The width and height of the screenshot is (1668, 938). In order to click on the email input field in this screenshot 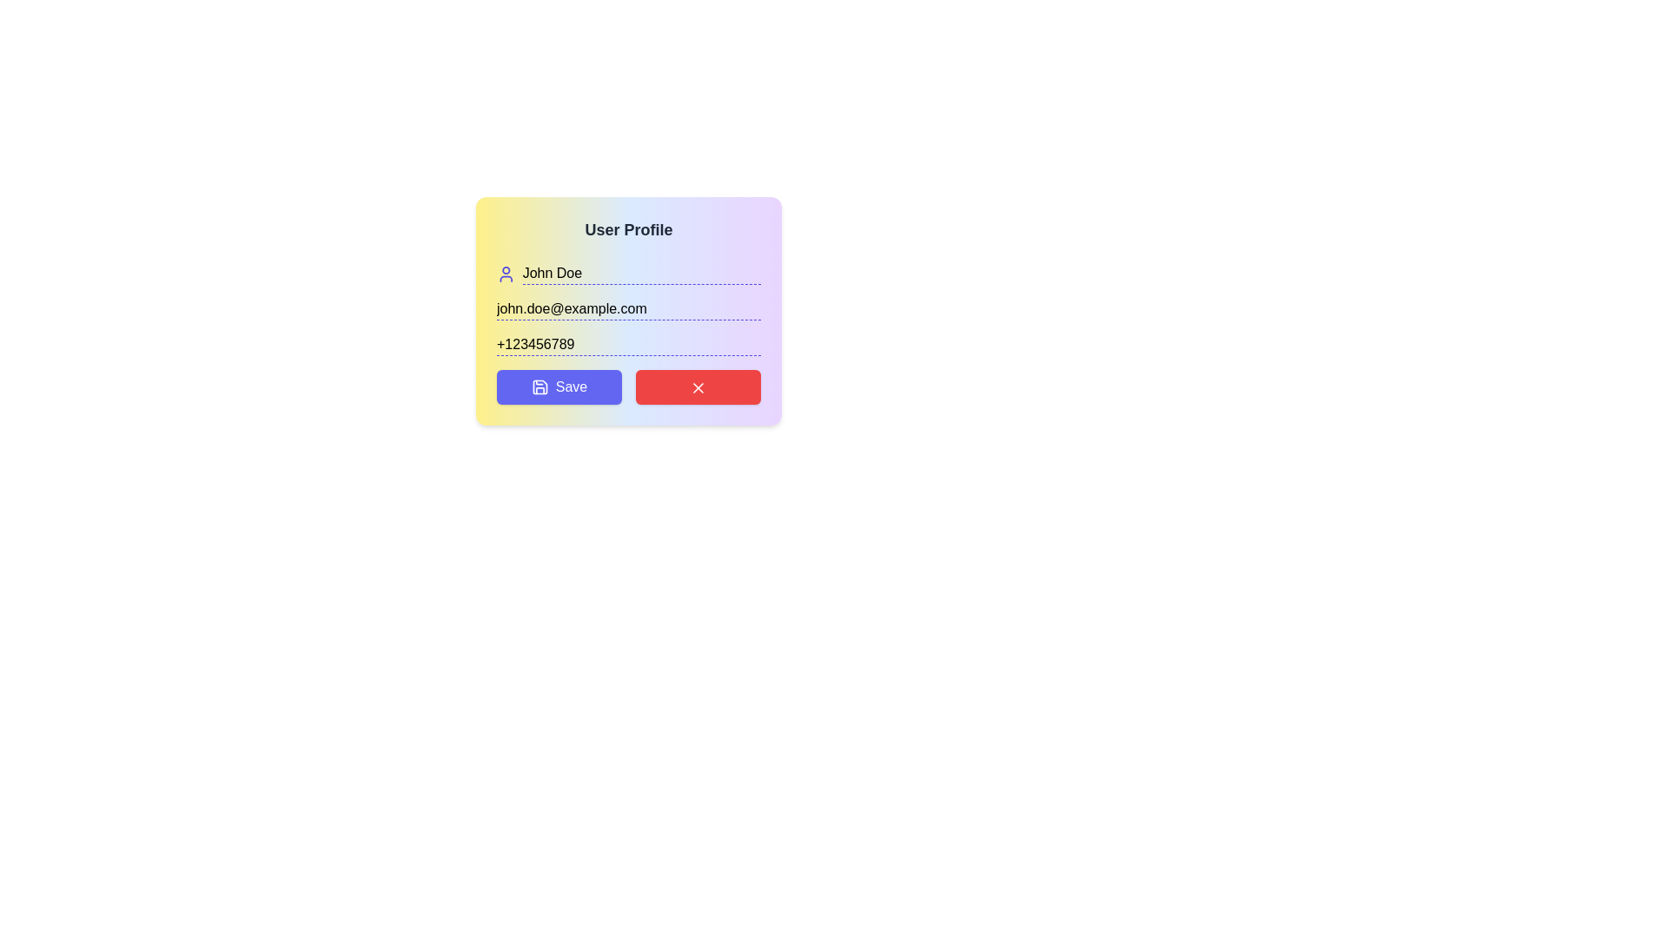, I will do `click(628, 308)`.